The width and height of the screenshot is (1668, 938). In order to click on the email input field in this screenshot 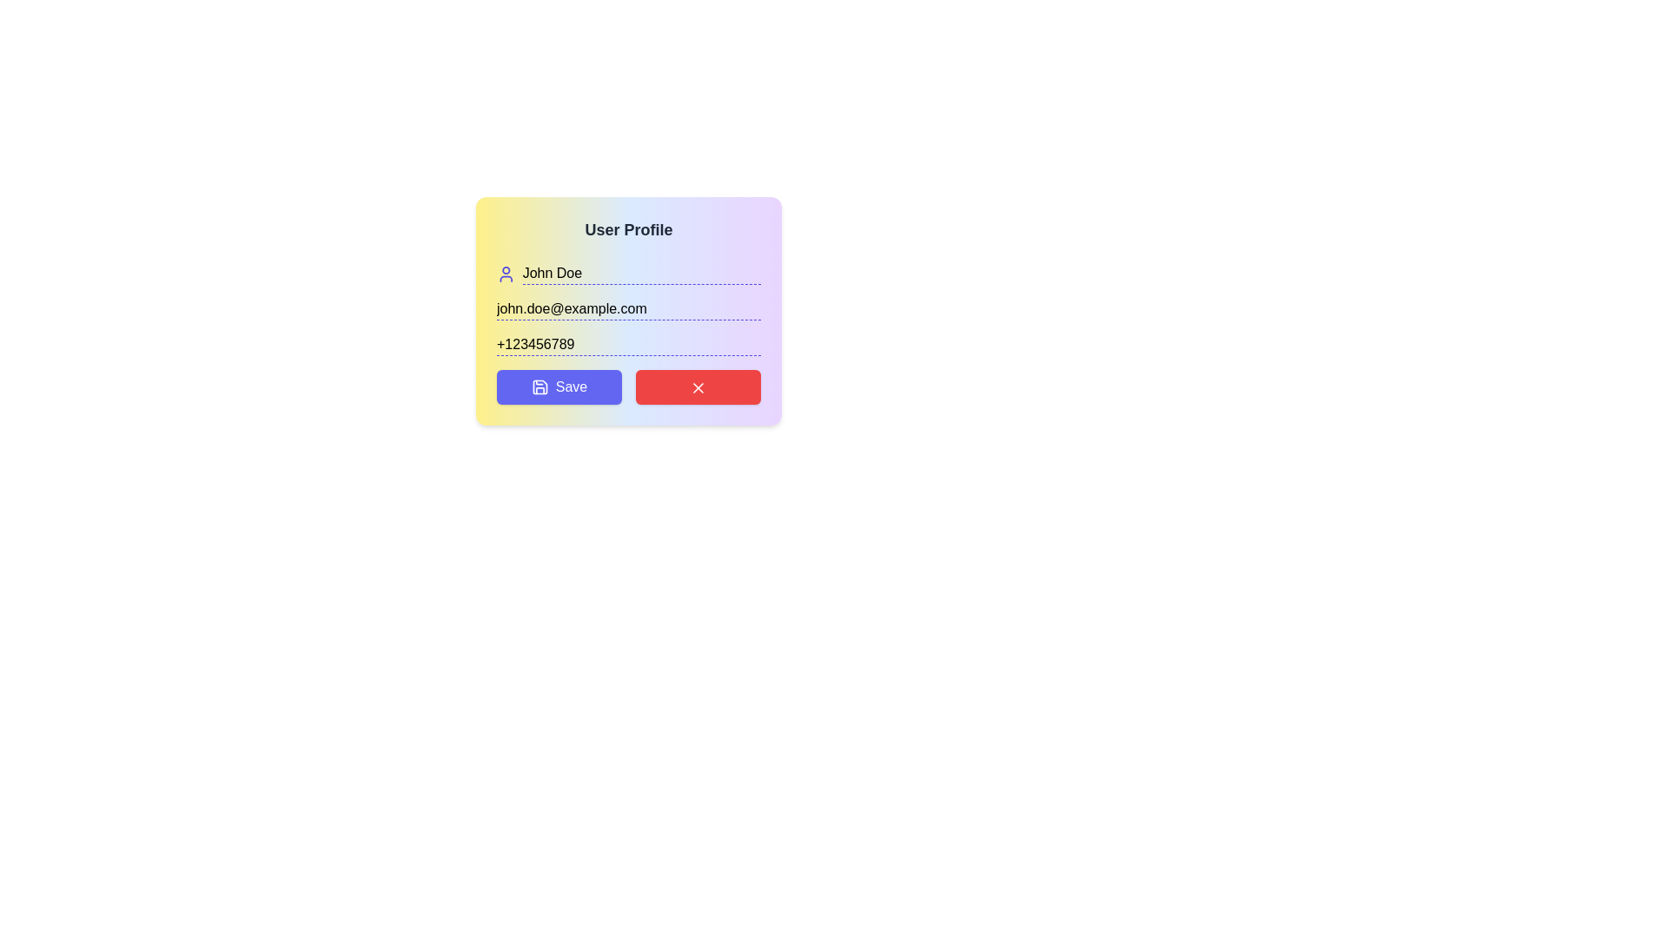, I will do `click(628, 308)`.